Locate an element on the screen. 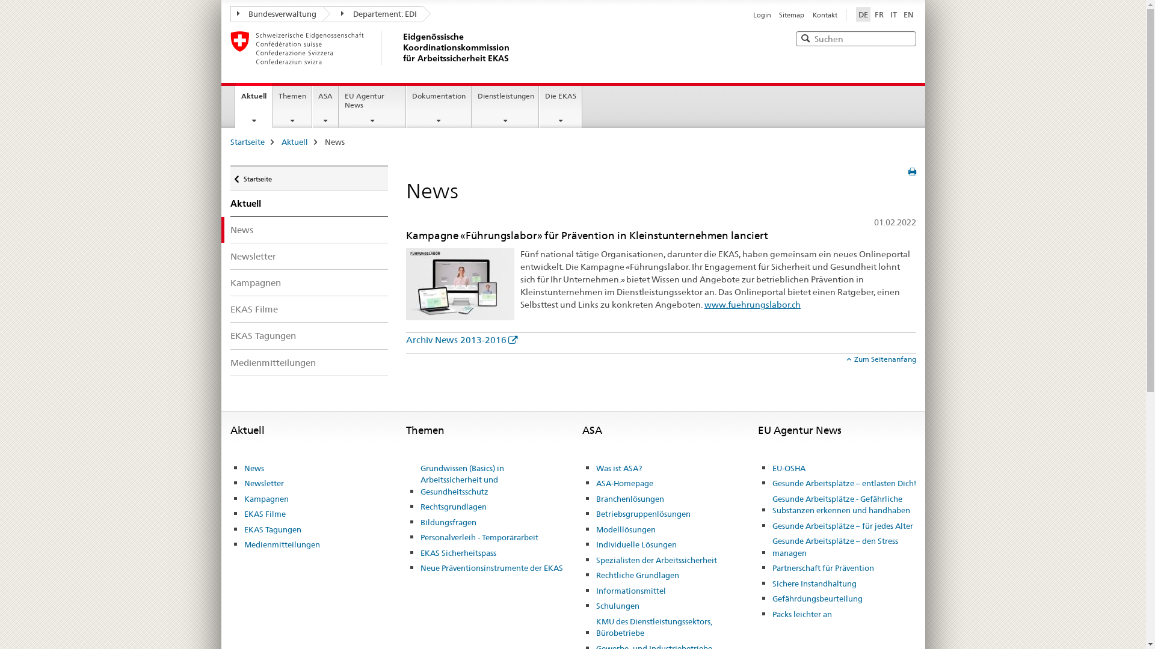  'Archiv News 2013-2016' is located at coordinates (461, 340).